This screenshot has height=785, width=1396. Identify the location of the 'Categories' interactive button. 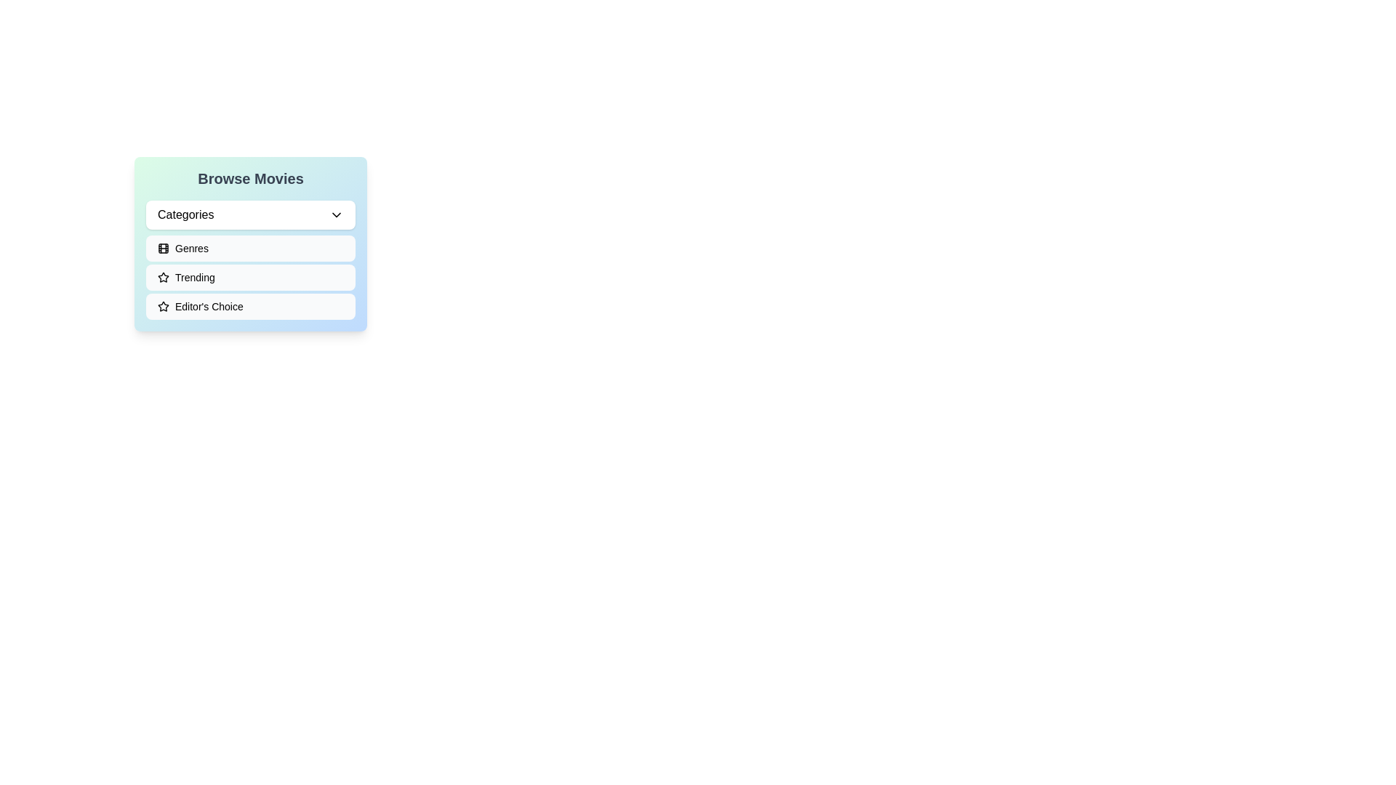
(335, 215).